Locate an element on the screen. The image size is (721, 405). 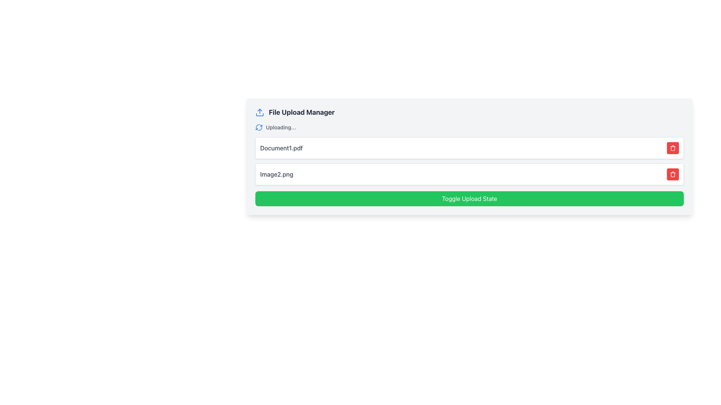
the delete icon located at the far right of the file upload entry button is located at coordinates (673, 174).